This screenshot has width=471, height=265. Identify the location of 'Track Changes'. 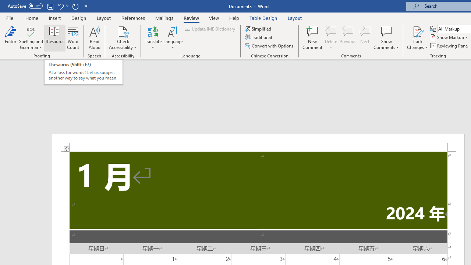
(417, 38).